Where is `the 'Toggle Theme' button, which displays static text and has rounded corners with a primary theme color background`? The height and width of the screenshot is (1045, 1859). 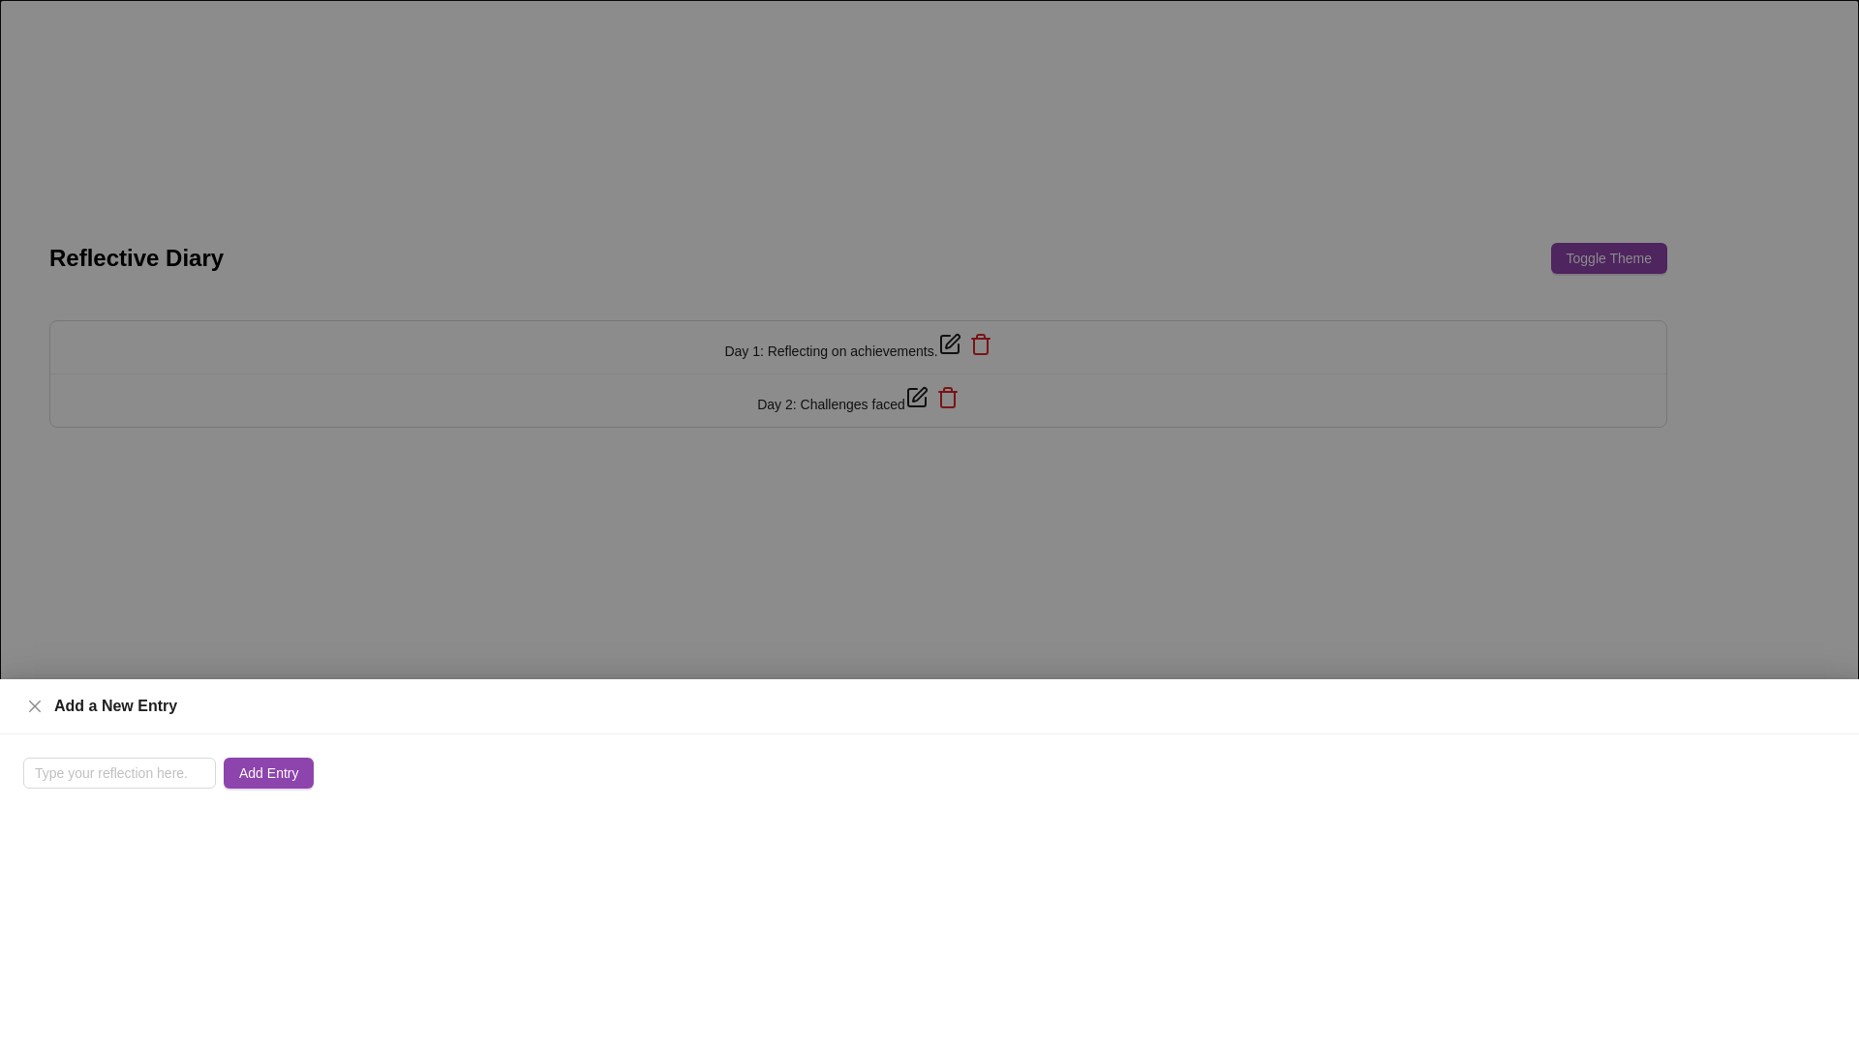
the 'Toggle Theme' button, which displays static text and has rounded corners with a primary theme color background is located at coordinates (1608, 256).